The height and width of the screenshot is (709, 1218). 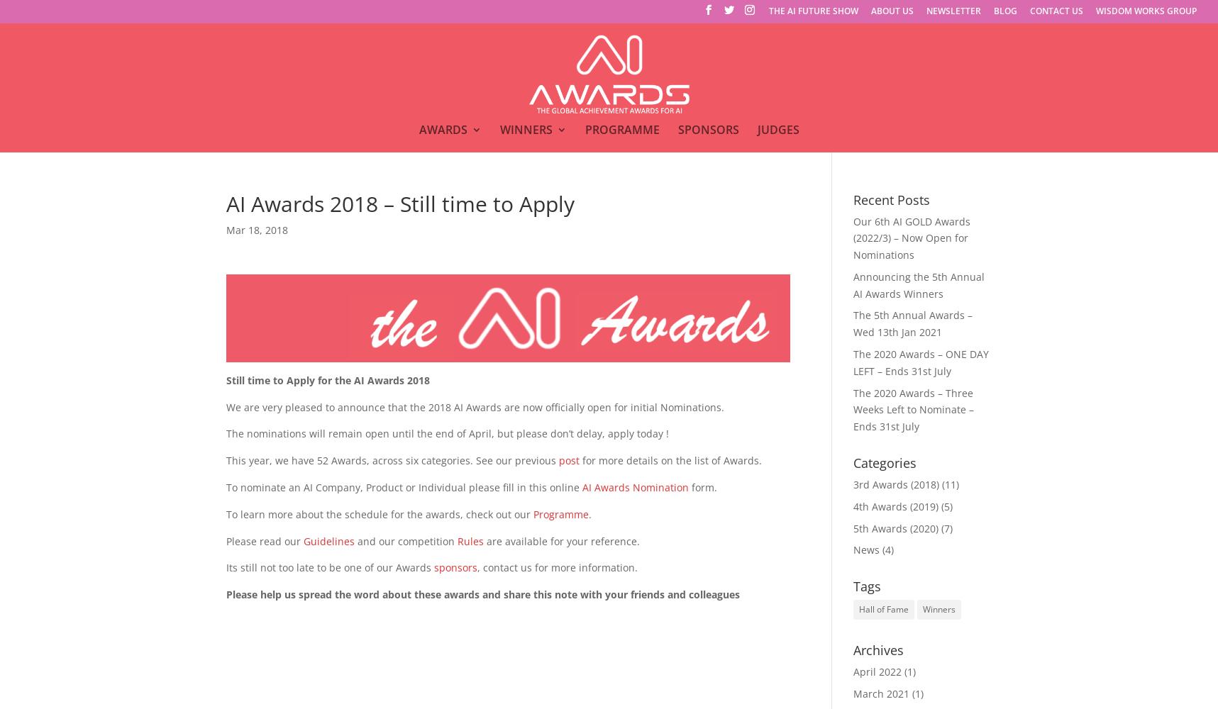 I want to click on '(4)', so click(x=886, y=549).